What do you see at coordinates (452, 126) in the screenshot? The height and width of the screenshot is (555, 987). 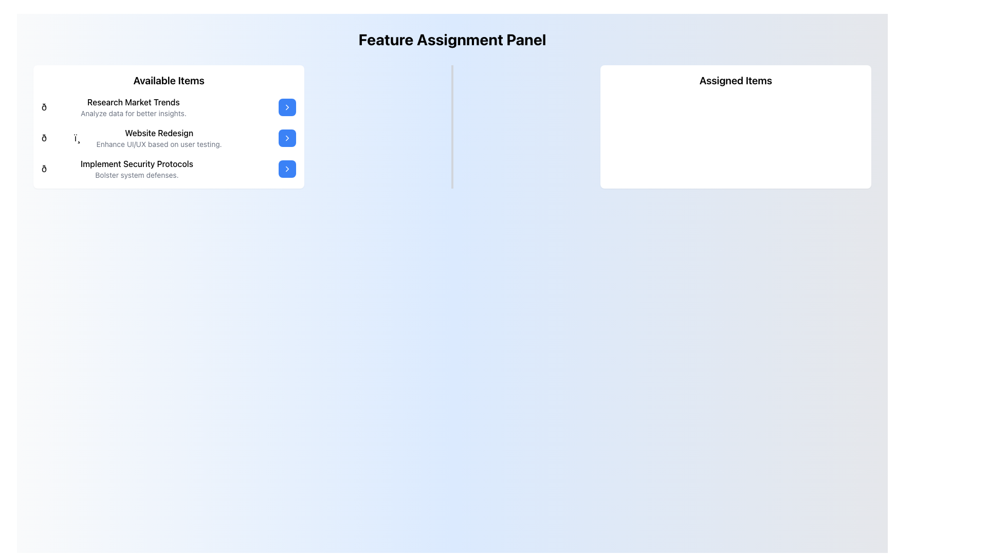 I see `the vertical divider that separates the 'Available Items' section from the 'Assigned Items' section in the middle column of a three-column grid layout` at bounding box center [452, 126].